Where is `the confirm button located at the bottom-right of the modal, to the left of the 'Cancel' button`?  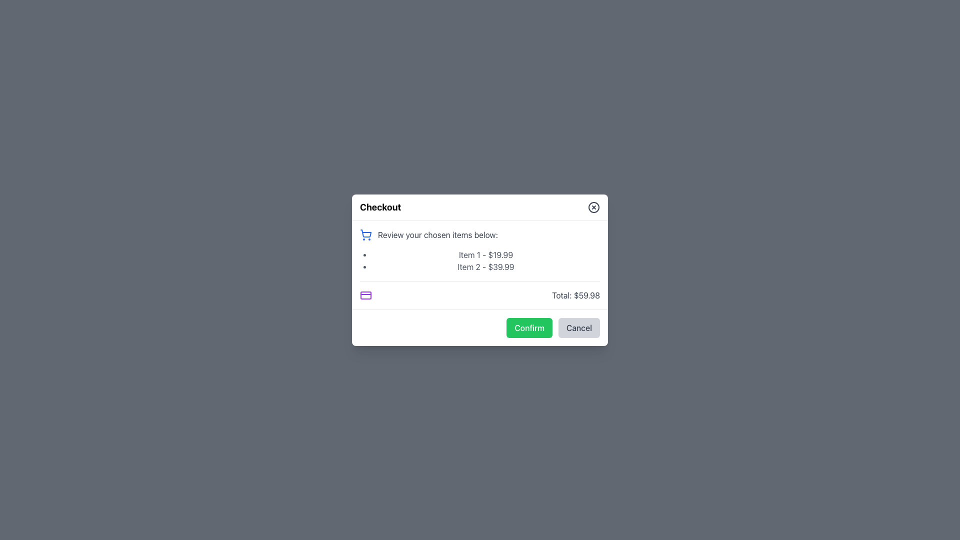
the confirm button located at the bottom-right of the modal, to the left of the 'Cancel' button is located at coordinates (529, 327).